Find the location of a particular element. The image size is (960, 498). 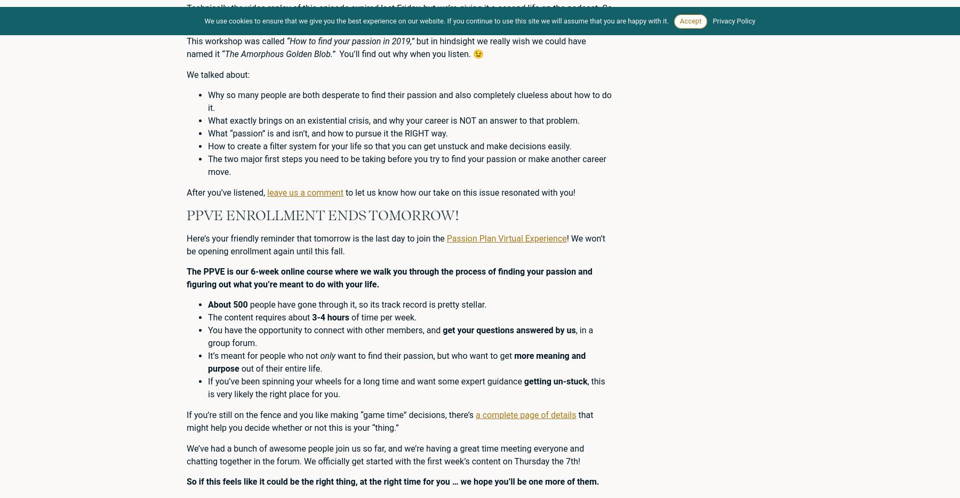

'PPVE ENROLLMENT ENDS TOMORROW!' is located at coordinates (323, 214).